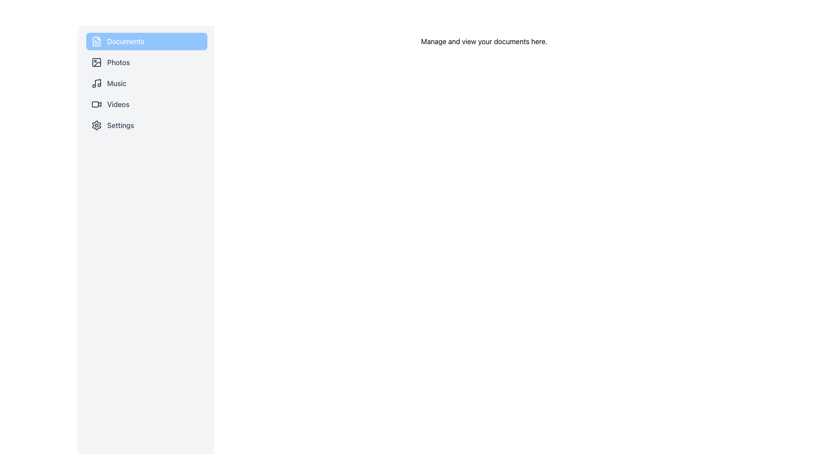  Describe the element at coordinates (96, 62) in the screenshot. I see `the 'Photos' icon in the sidebar menu` at that location.